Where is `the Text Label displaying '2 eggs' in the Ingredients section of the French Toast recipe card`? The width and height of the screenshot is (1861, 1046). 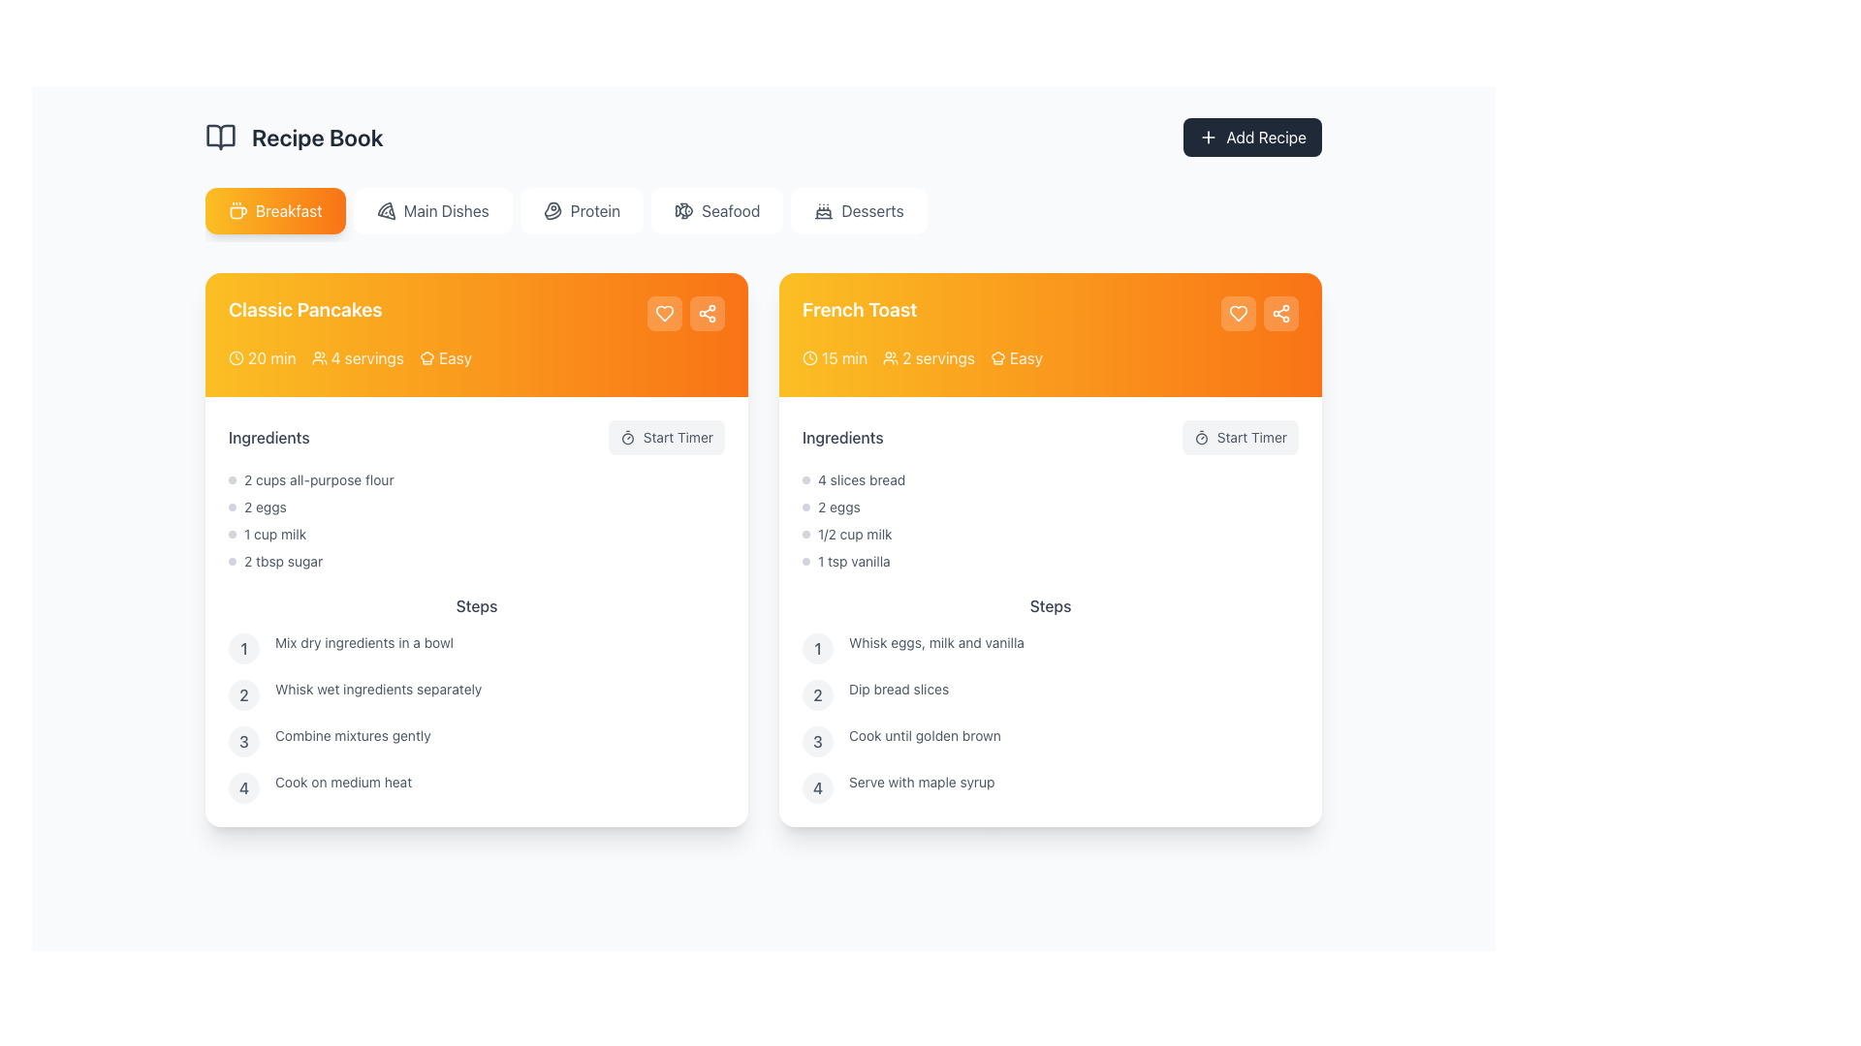
the Text Label displaying '2 eggs' in the Ingredients section of the French Toast recipe card is located at coordinates (838, 507).